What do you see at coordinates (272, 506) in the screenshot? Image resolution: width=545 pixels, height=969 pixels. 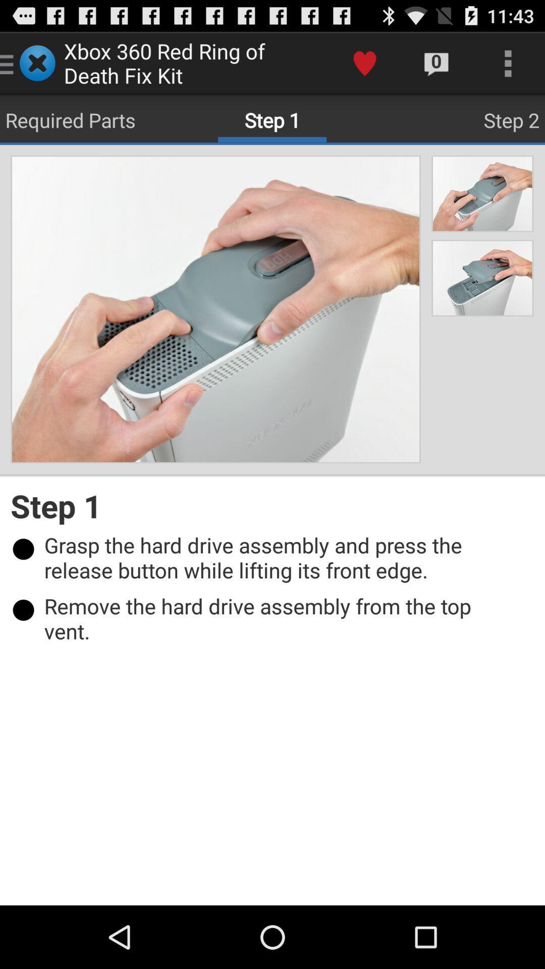 I see `step 1 item` at bounding box center [272, 506].